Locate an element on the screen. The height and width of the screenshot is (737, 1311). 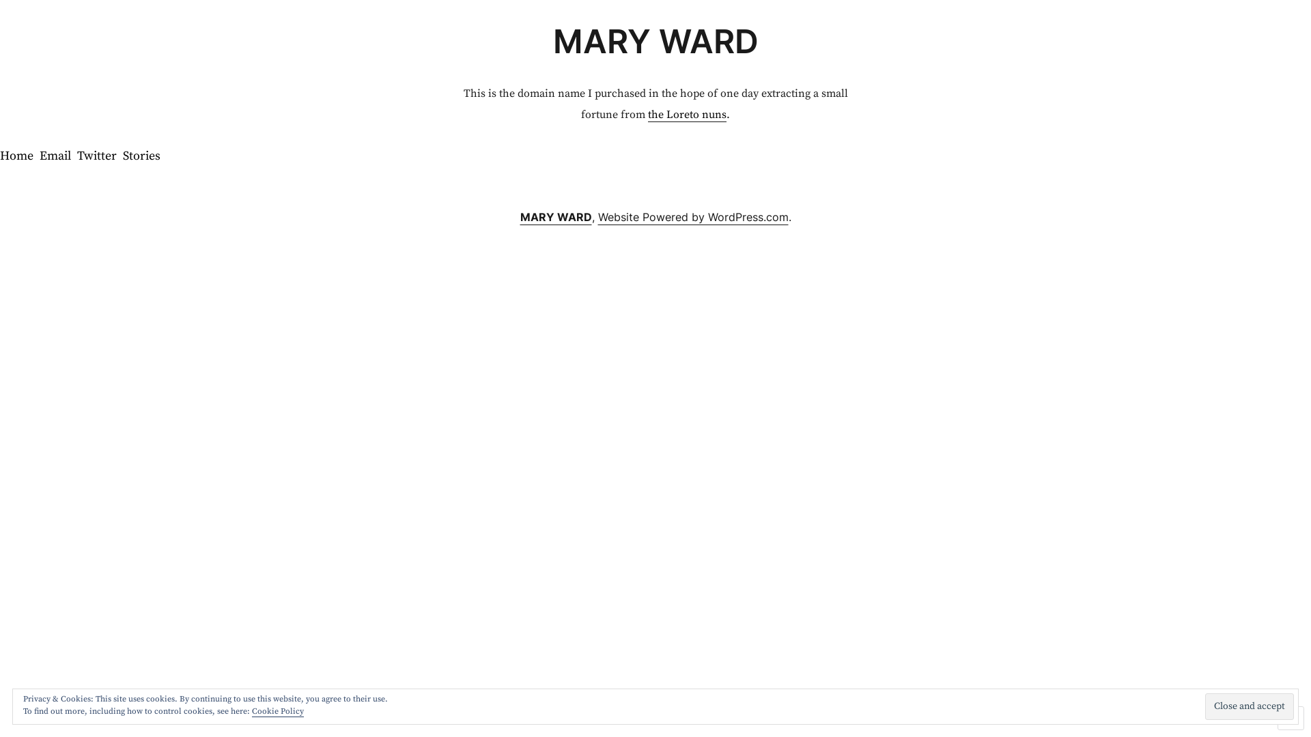
'Home' is located at coordinates (0, 156).